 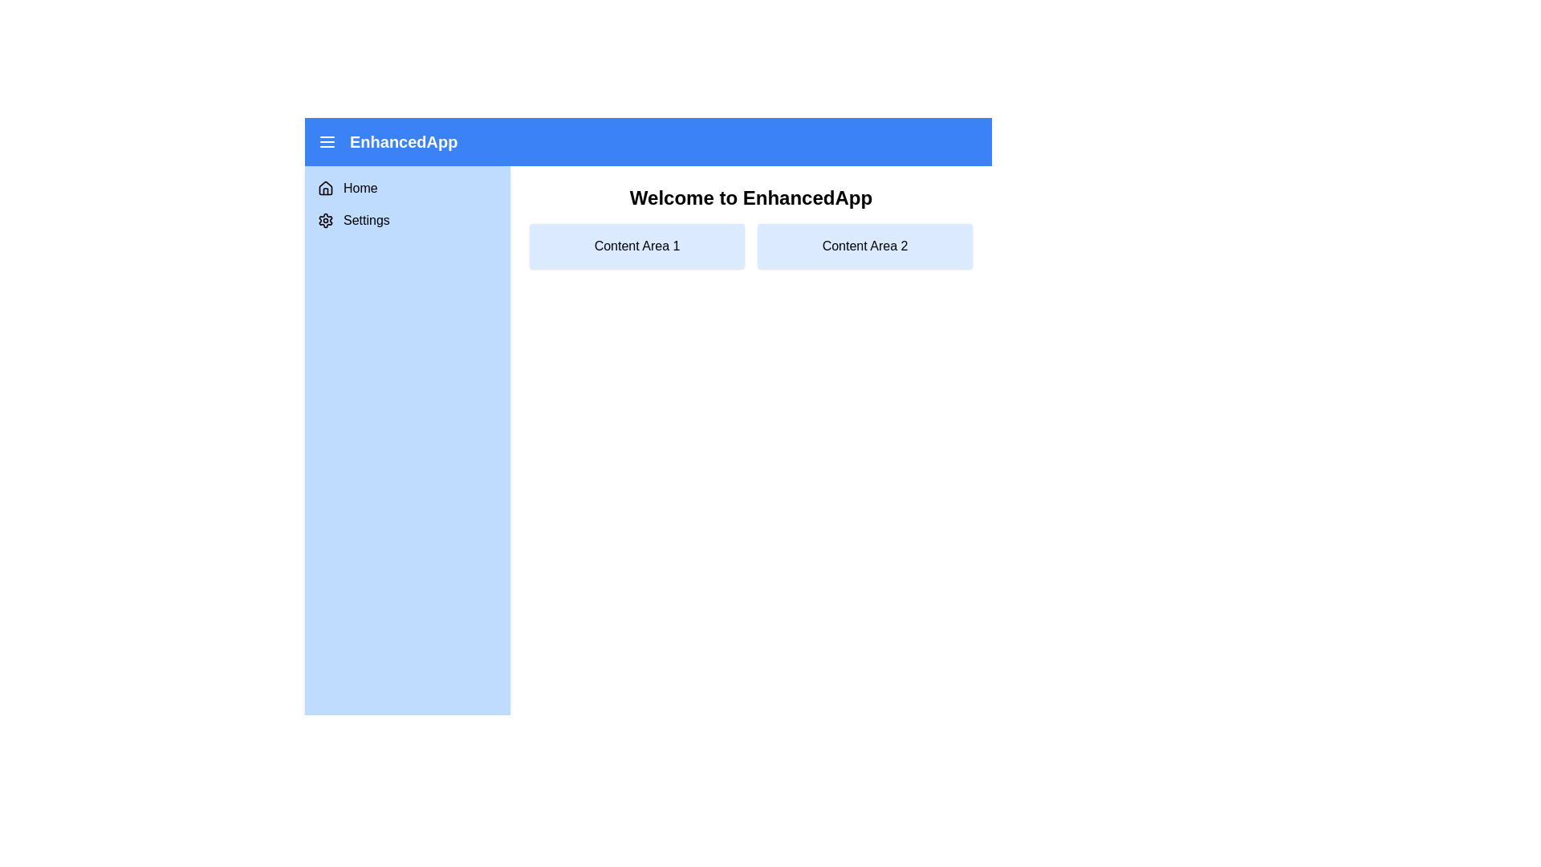 I want to click on the blue button with a menu icon (three horizontal lines) located at the top-left corner of the header next to 'EnhancedApp', so click(x=327, y=141).